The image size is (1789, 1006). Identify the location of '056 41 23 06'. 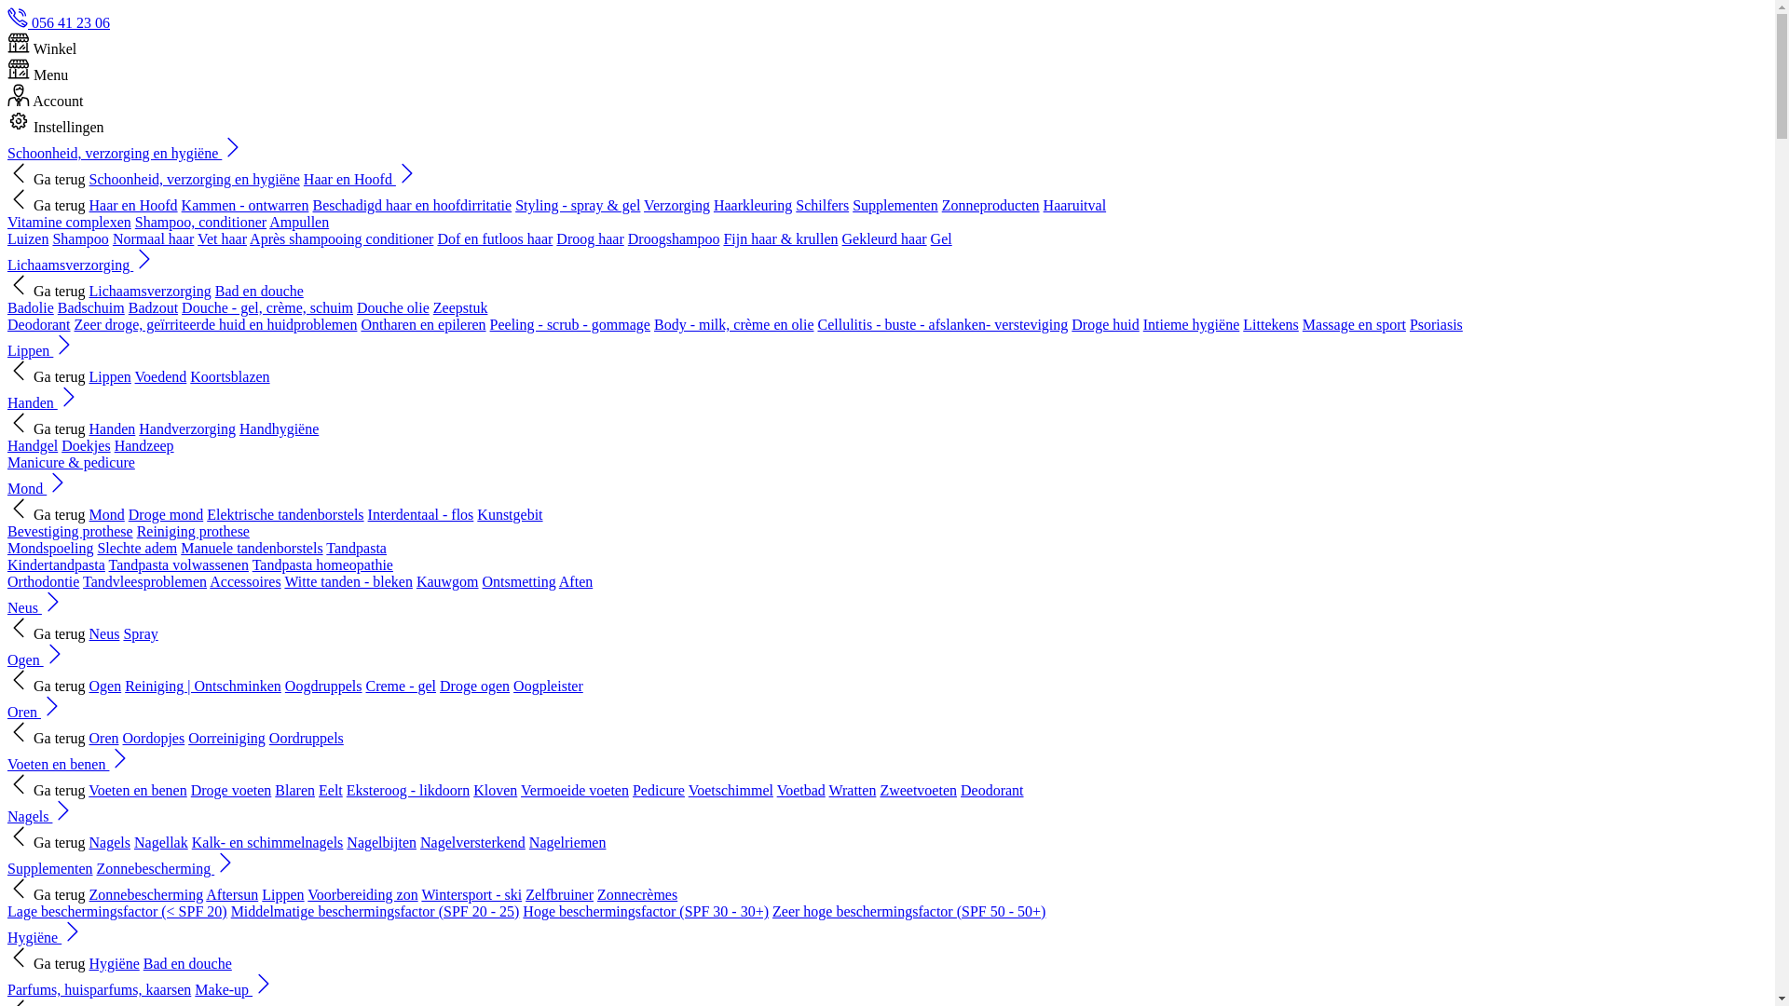
(58, 22).